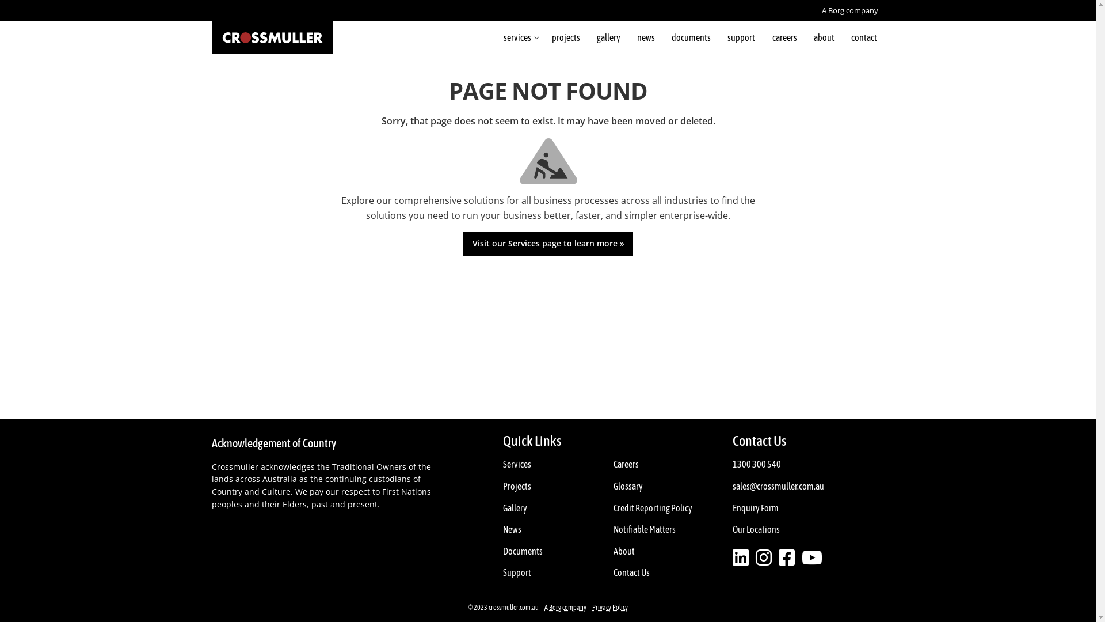 The image size is (1105, 622). What do you see at coordinates (495, 37) in the screenshot?
I see `'services'` at bounding box center [495, 37].